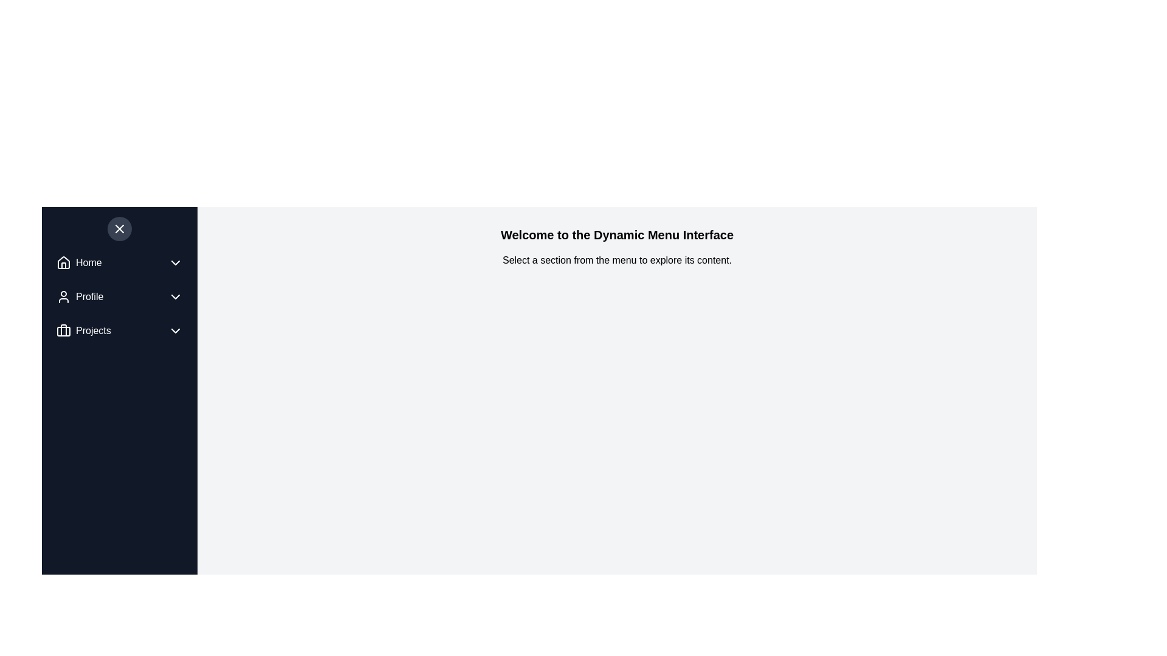 The height and width of the screenshot is (656, 1167). Describe the element at coordinates (617, 259) in the screenshot. I see `the static text element that prompts the user to choose a menu section, located beneath the header 'Welcome to the Dynamic Menu Interface'` at that location.